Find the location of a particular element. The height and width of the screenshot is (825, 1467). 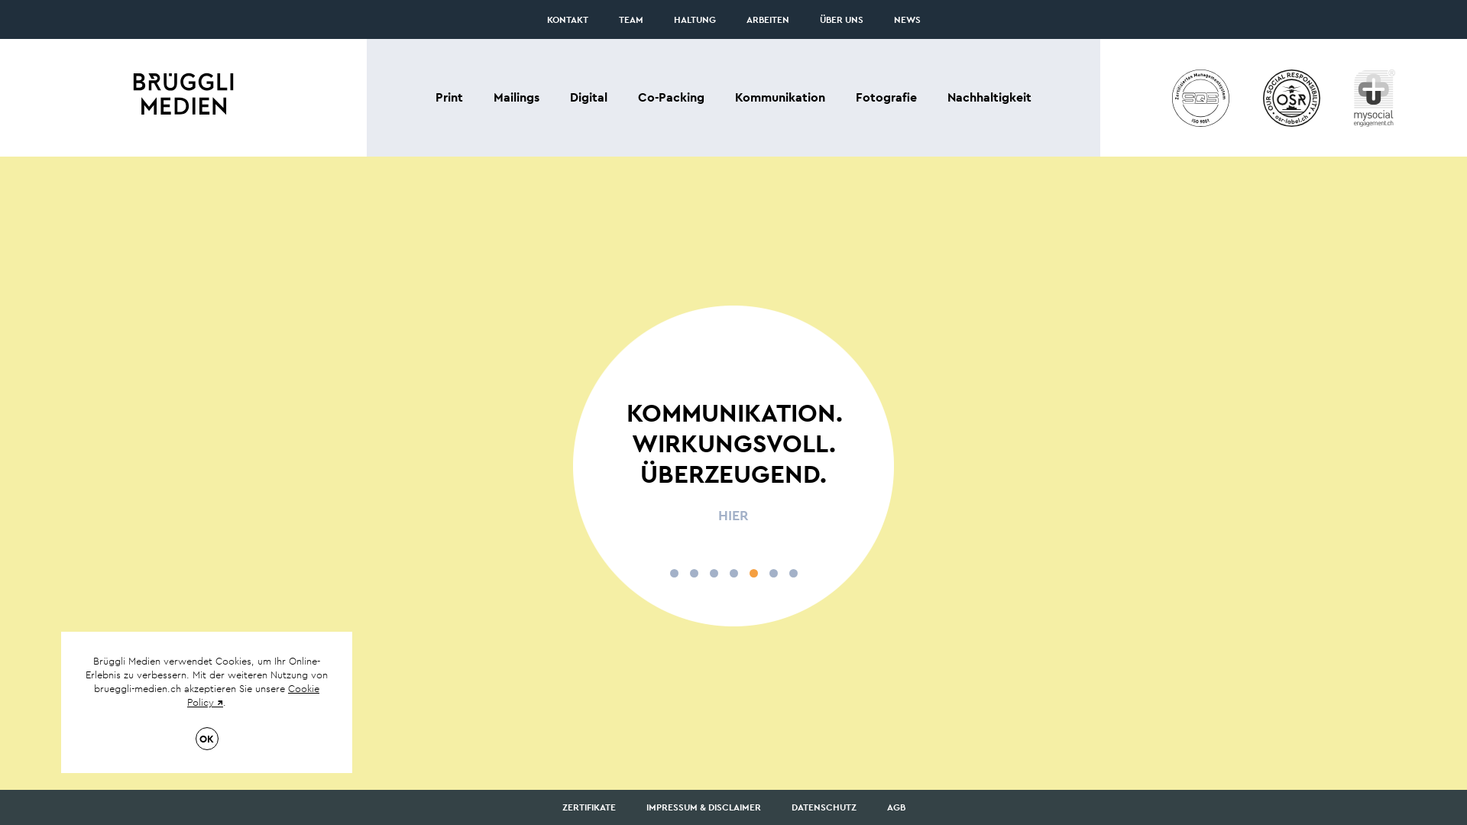

'5' is located at coordinates (753, 573).